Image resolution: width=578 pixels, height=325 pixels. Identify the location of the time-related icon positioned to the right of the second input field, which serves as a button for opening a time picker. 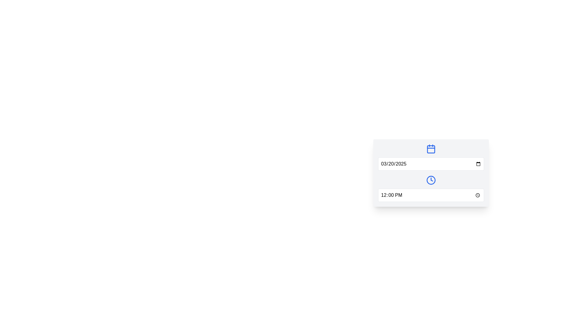
(430, 180).